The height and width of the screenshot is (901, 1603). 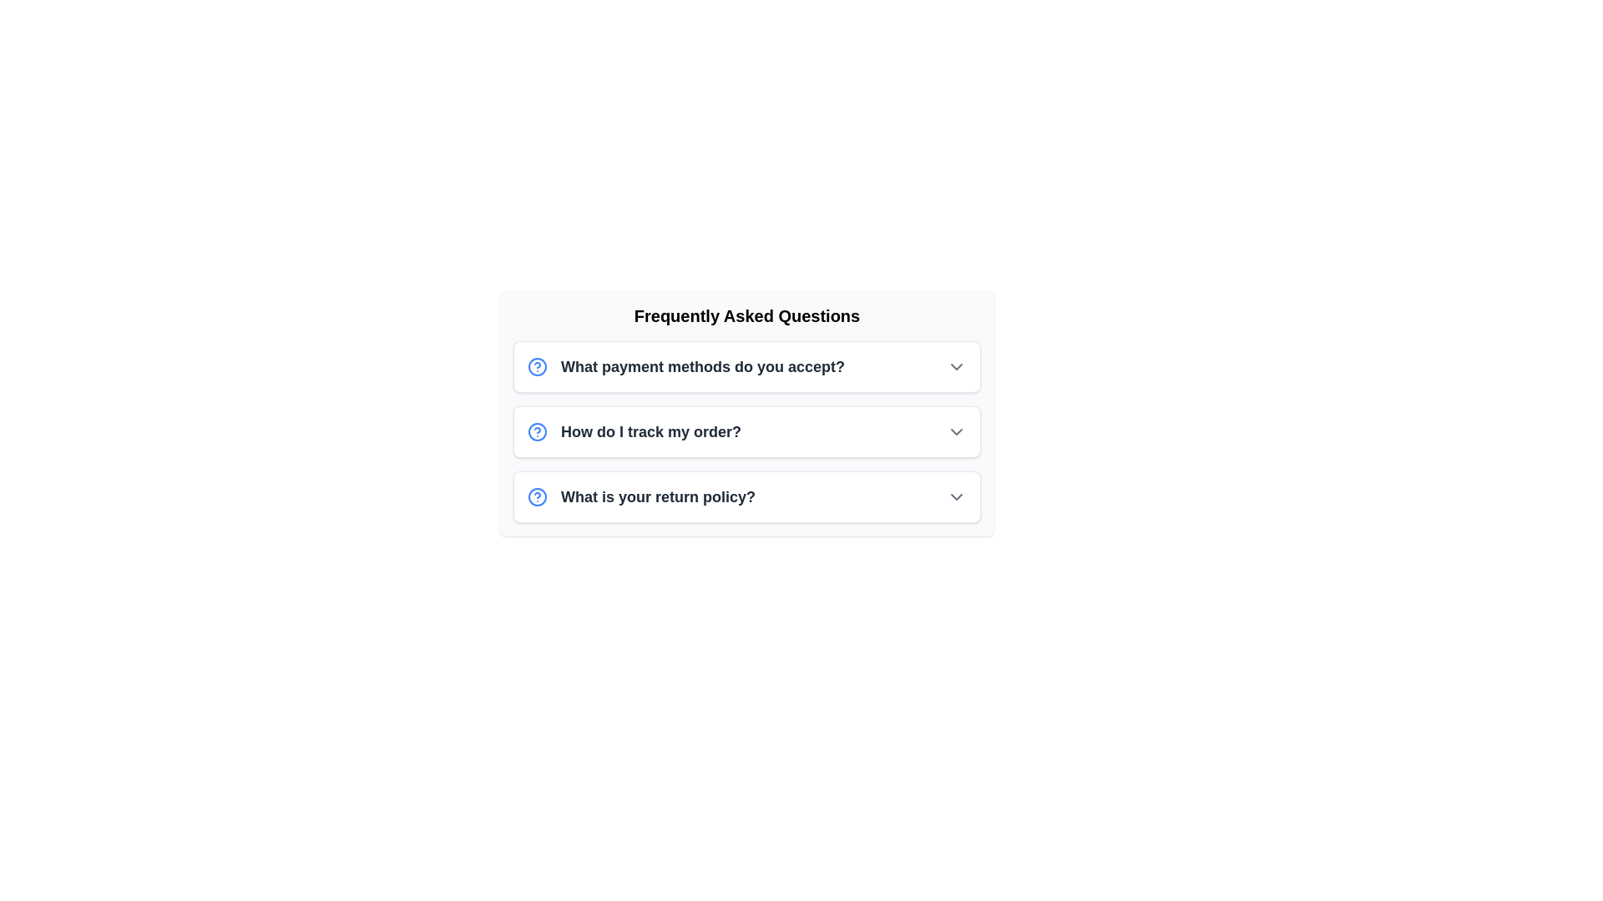 What do you see at coordinates (640, 496) in the screenshot?
I see `the last Expandable List Item with the question mark icon and text 'What is your return policy?' under the 'Frequently Asked Questions' header` at bounding box center [640, 496].